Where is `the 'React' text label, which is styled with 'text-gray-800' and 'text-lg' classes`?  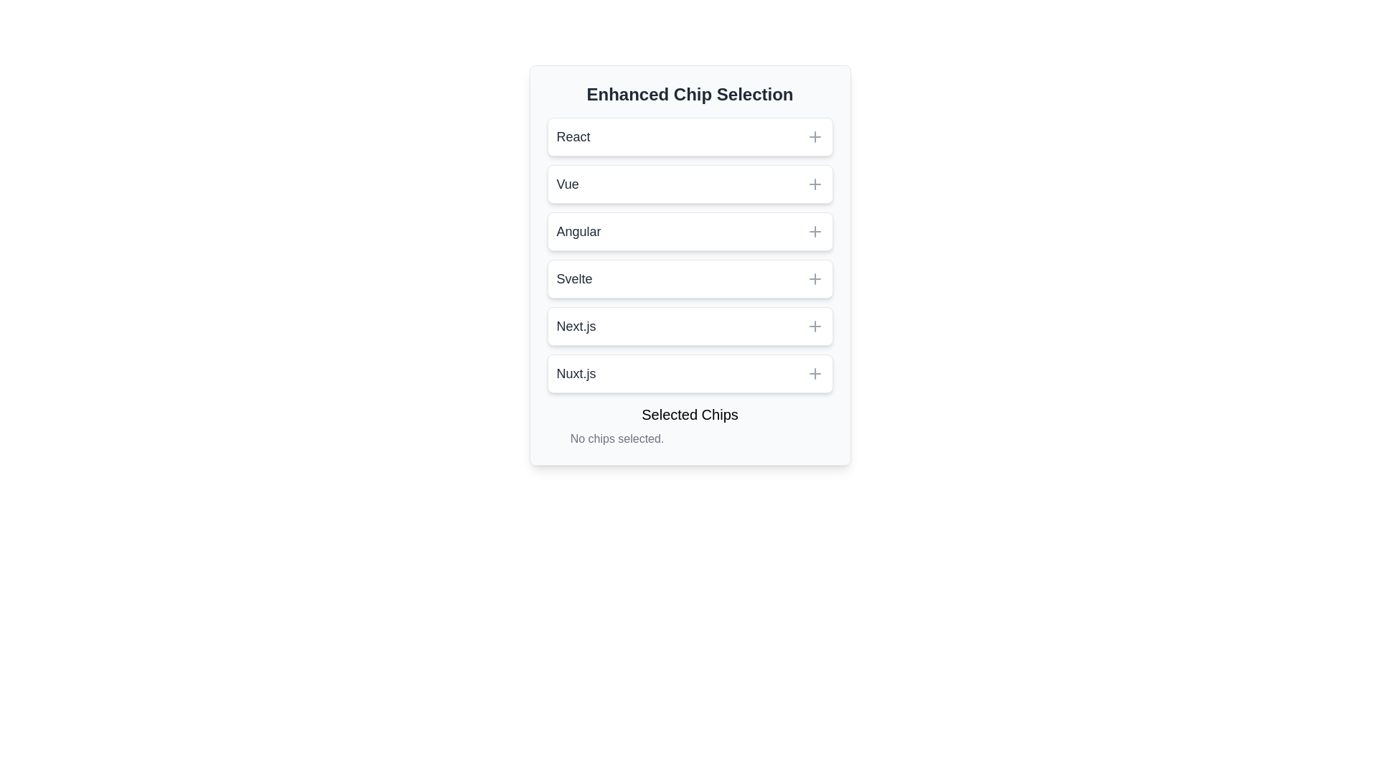
the 'React' text label, which is styled with 'text-gray-800' and 'text-lg' classes is located at coordinates (573, 137).